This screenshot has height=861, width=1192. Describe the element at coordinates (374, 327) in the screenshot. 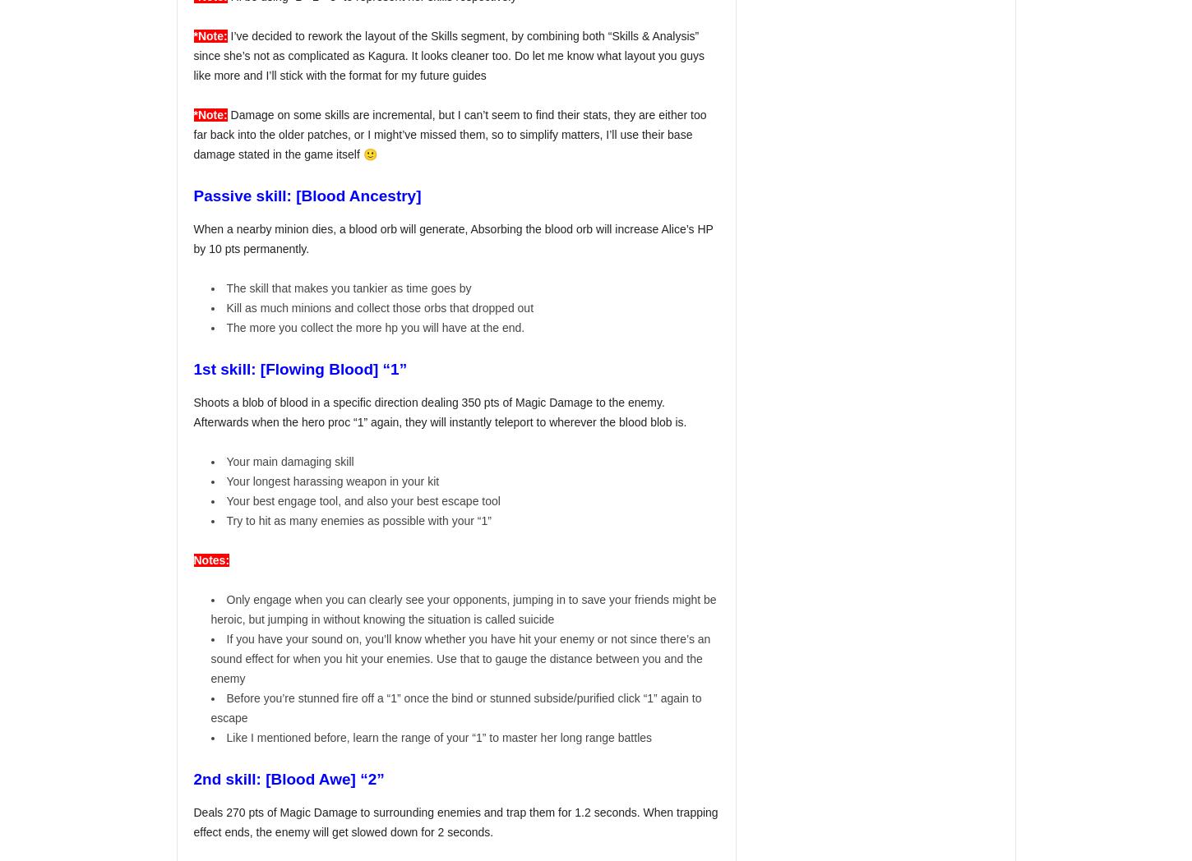

I see `'The more you collect the more hp you will have at the end.'` at that location.